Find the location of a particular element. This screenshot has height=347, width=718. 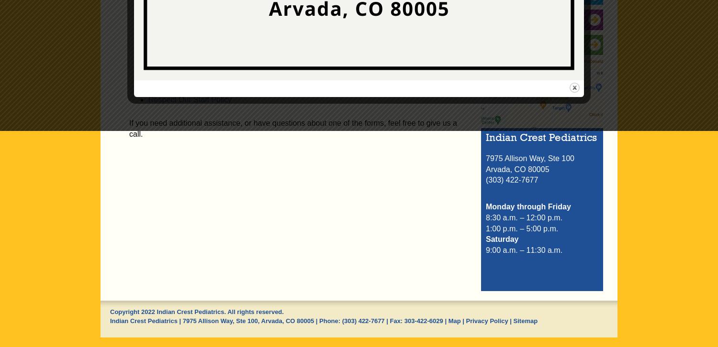

'Map' is located at coordinates (454, 320).